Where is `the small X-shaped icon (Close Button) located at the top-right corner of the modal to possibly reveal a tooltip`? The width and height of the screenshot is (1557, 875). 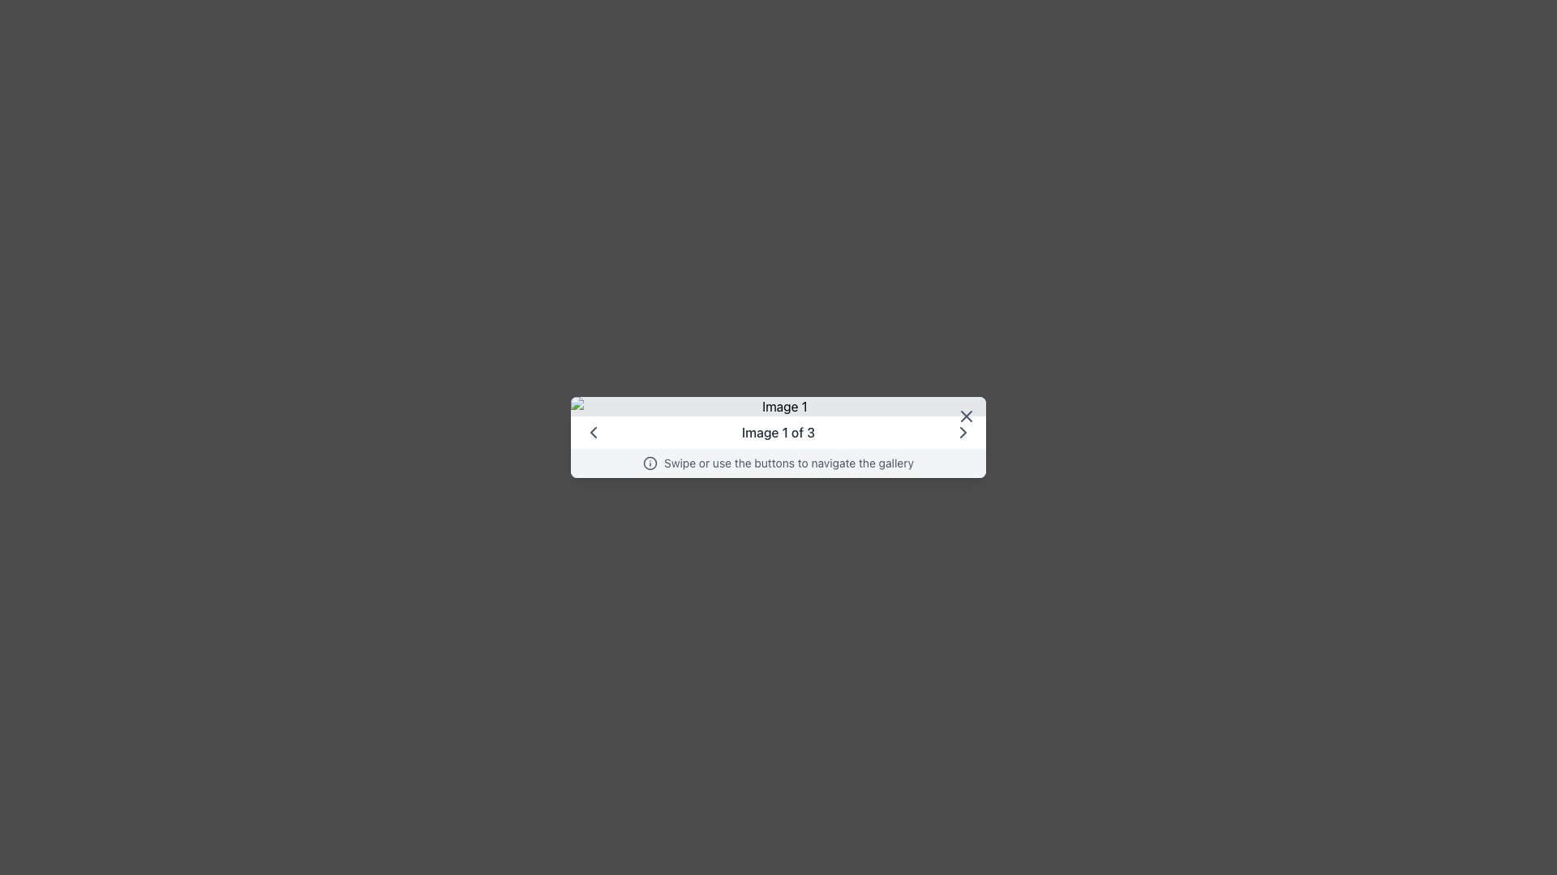 the small X-shaped icon (Close Button) located at the top-right corner of the modal to possibly reveal a tooltip is located at coordinates (966, 415).